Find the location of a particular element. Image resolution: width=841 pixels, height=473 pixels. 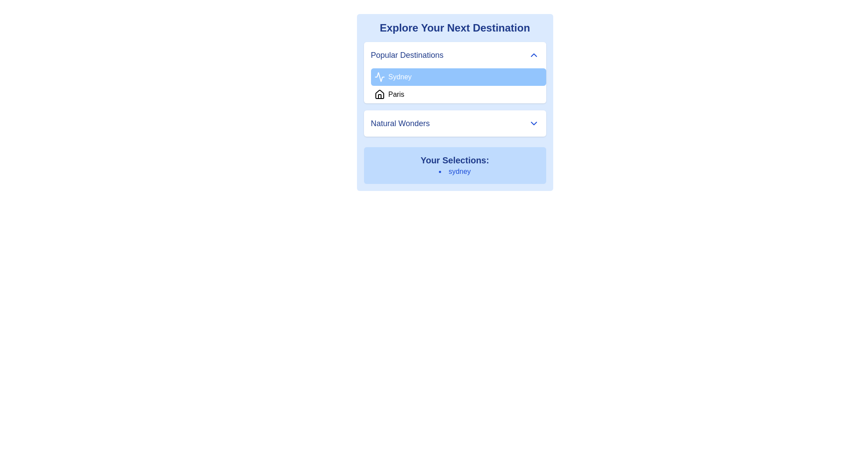

the SVG icon representing a stylized house located within the menu item labeled 'Paris' in the 'Popular Destinations' section is located at coordinates (379, 95).